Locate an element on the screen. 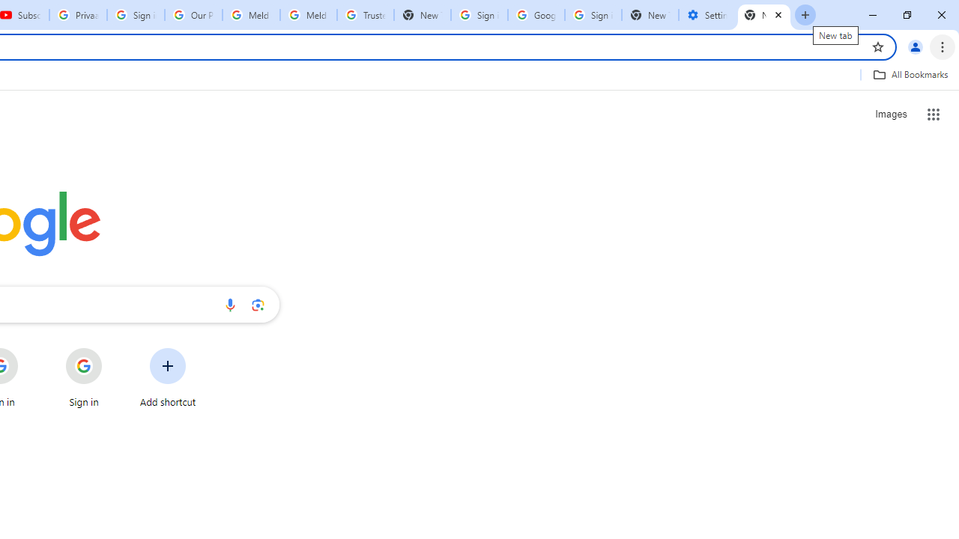 The height and width of the screenshot is (539, 959). 'More actions for Sign in shortcut' is located at coordinates (113, 349).